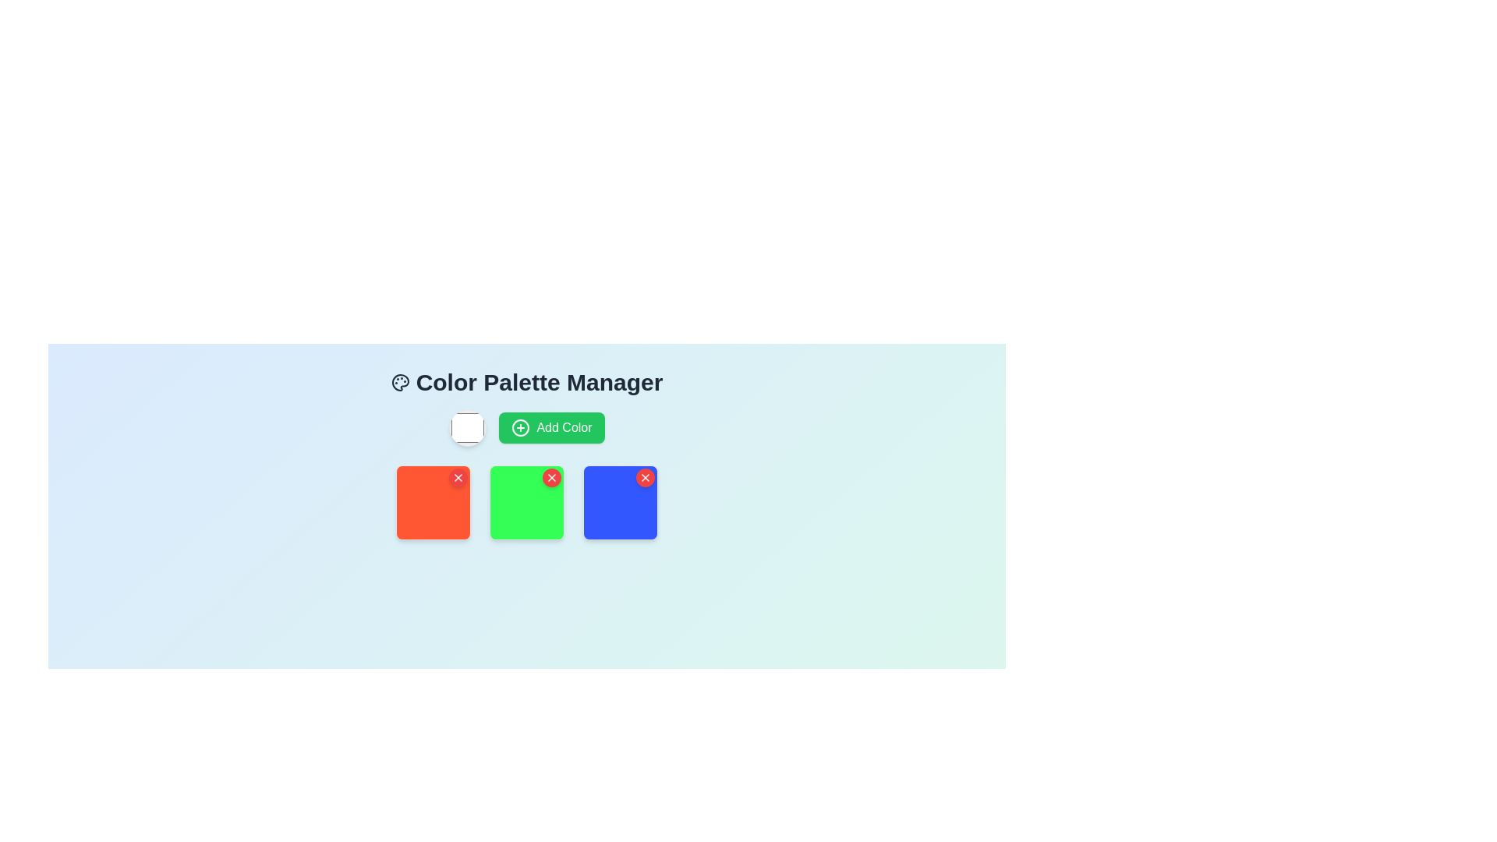  What do you see at coordinates (552, 427) in the screenshot?
I see `the button located under the 'Color Palette Manager' heading that initiates the action of adding a new color to the palette` at bounding box center [552, 427].